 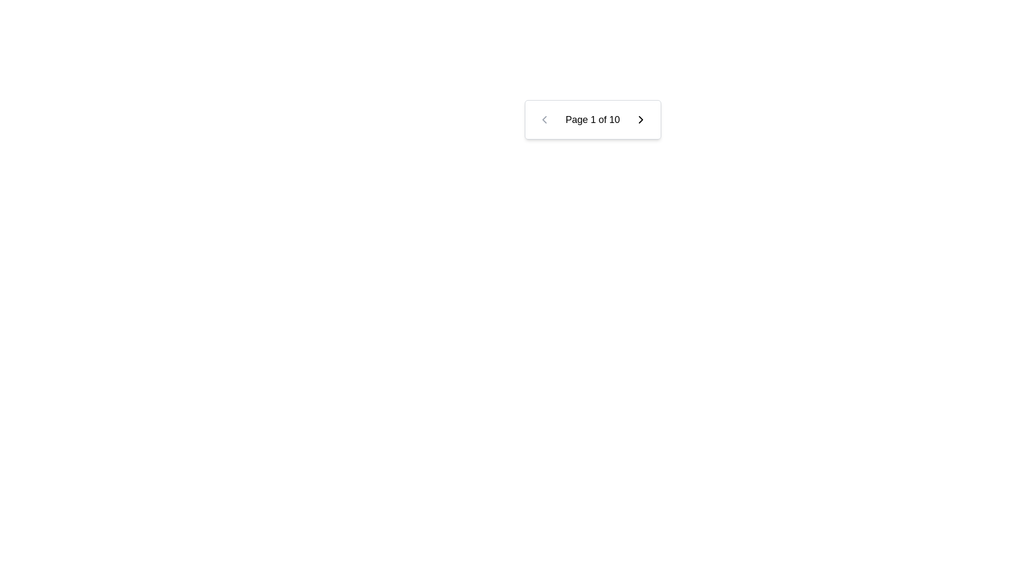 I want to click on the navigation control icon that allows moving to the previous page in the pagination sequence, located to the left of 'Page 1 of 10', so click(x=544, y=119).